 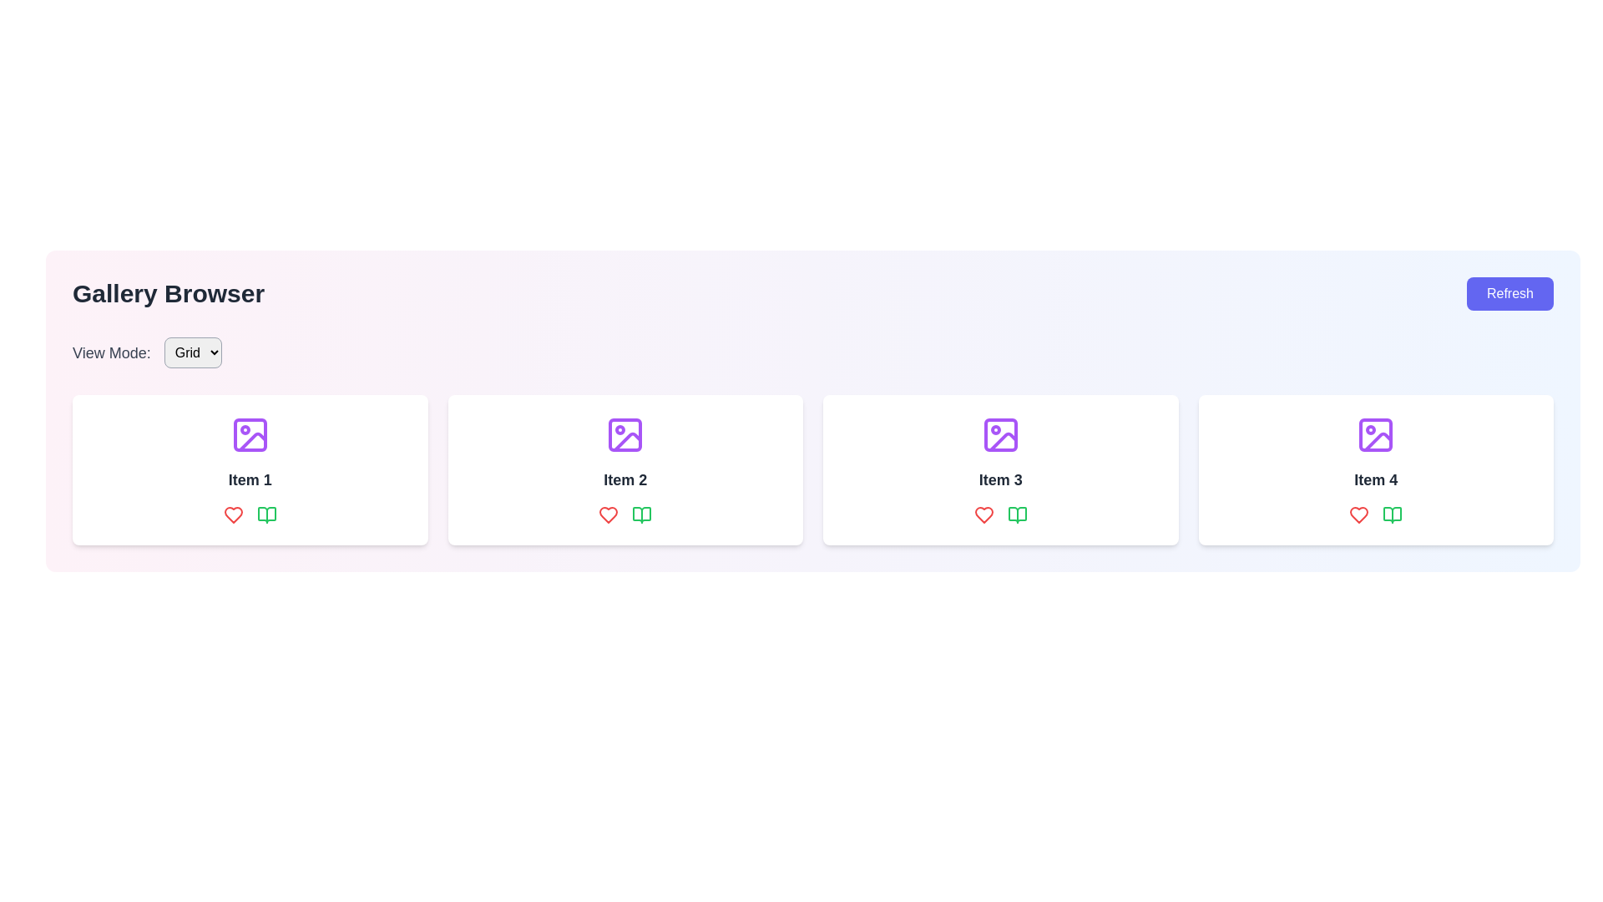 What do you see at coordinates (193, 352) in the screenshot?
I see `the 'Grid' dropdown menu button, which is a rectangular button with rounded corners and a downward arrow icon next to the text` at bounding box center [193, 352].